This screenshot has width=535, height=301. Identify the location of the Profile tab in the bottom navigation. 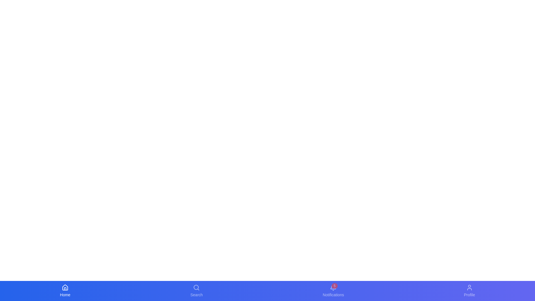
(469, 291).